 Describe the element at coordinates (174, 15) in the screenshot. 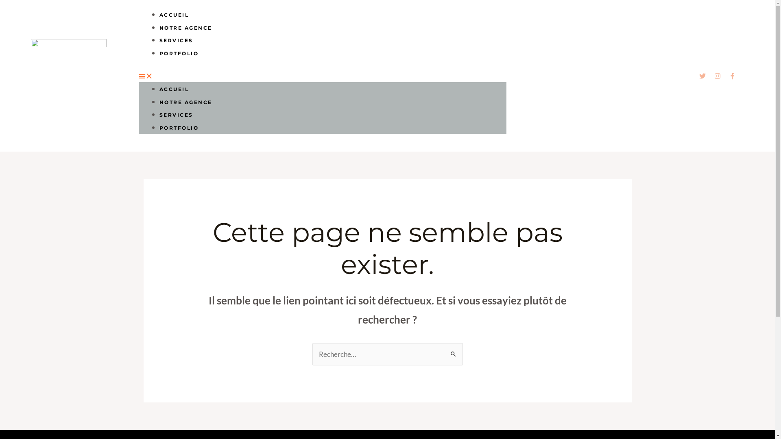

I see `'ACCUEIL'` at that location.